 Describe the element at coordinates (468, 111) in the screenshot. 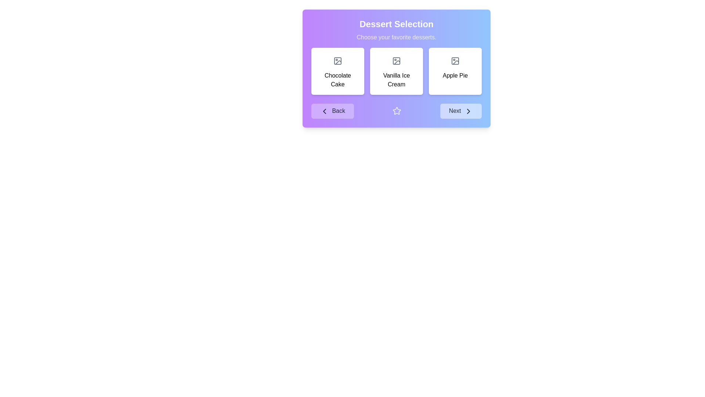

I see `the rightward arrow icon located adjacent to the 'Next' label` at that location.